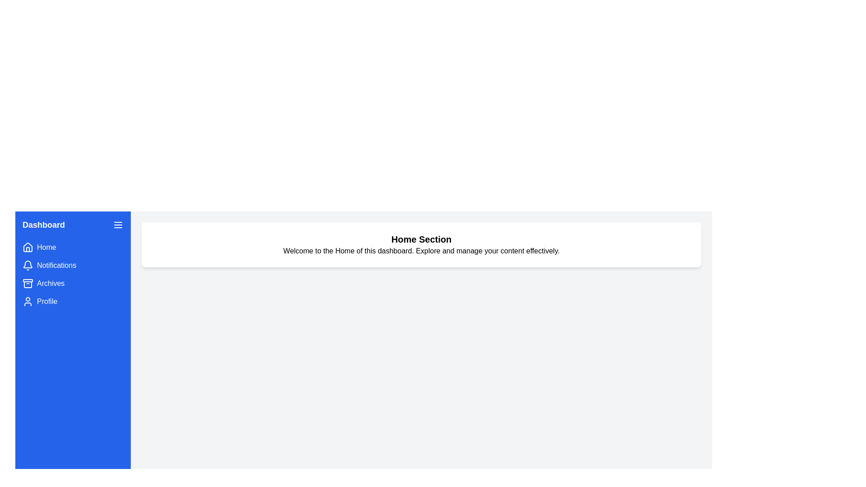 The width and height of the screenshot is (866, 487). Describe the element at coordinates (28, 247) in the screenshot. I see `the house icon located in the left-hand vertical navigation bar` at that location.